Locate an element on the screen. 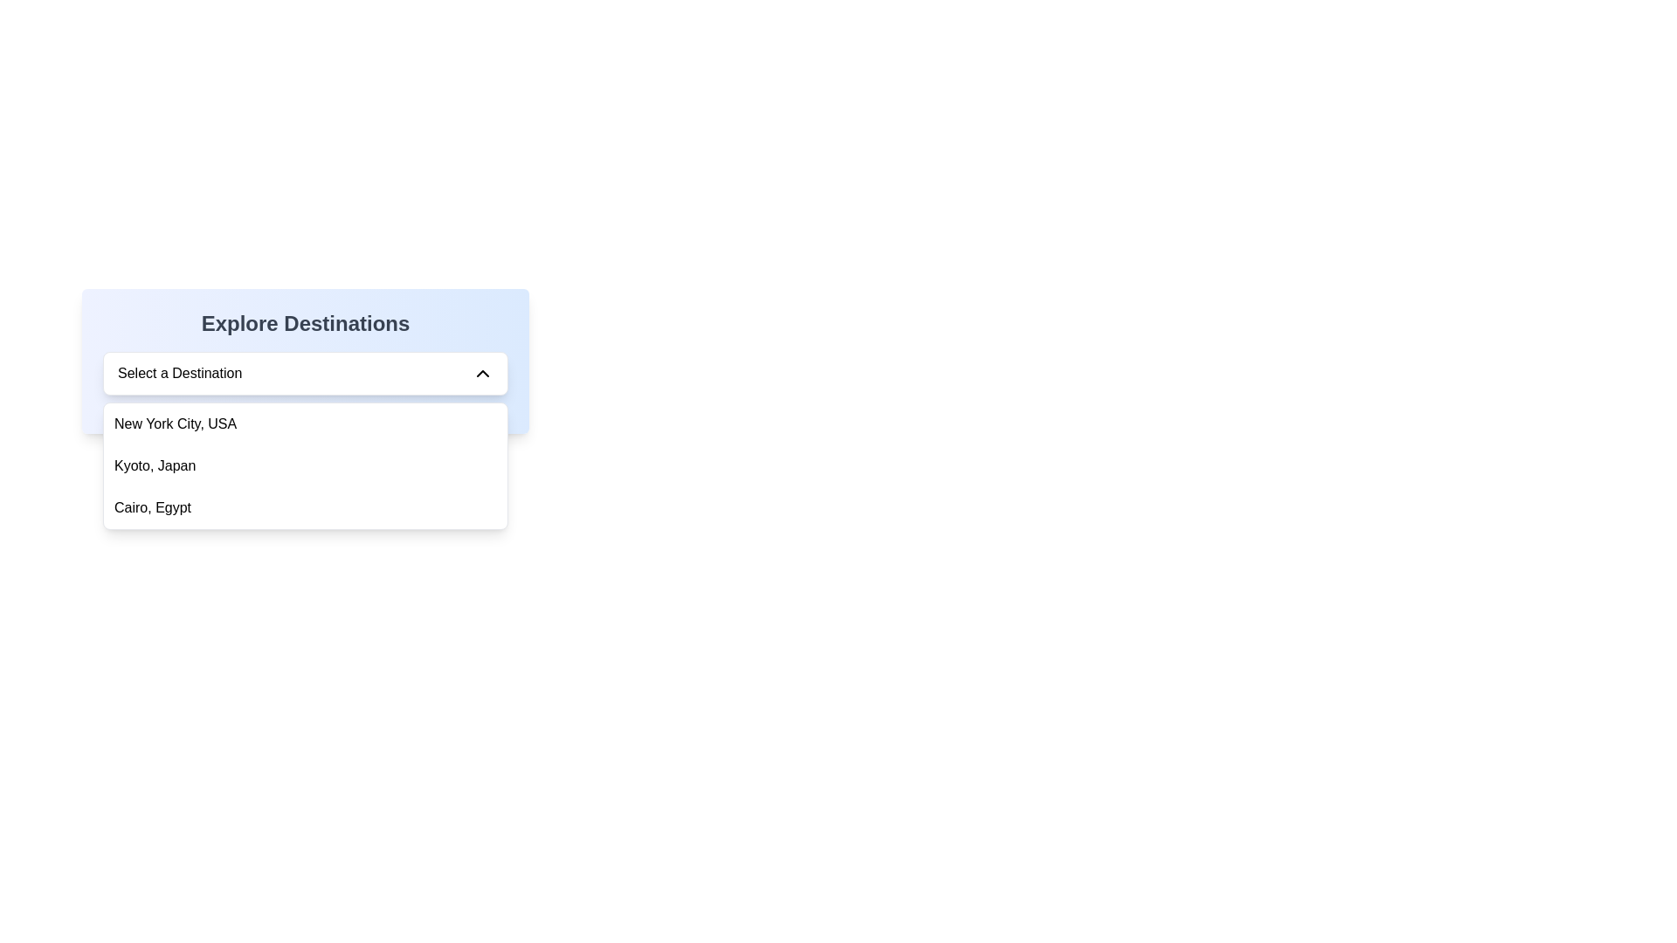  the dropdown item labeled 'Cairo, Egypt' is located at coordinates (306, 508).